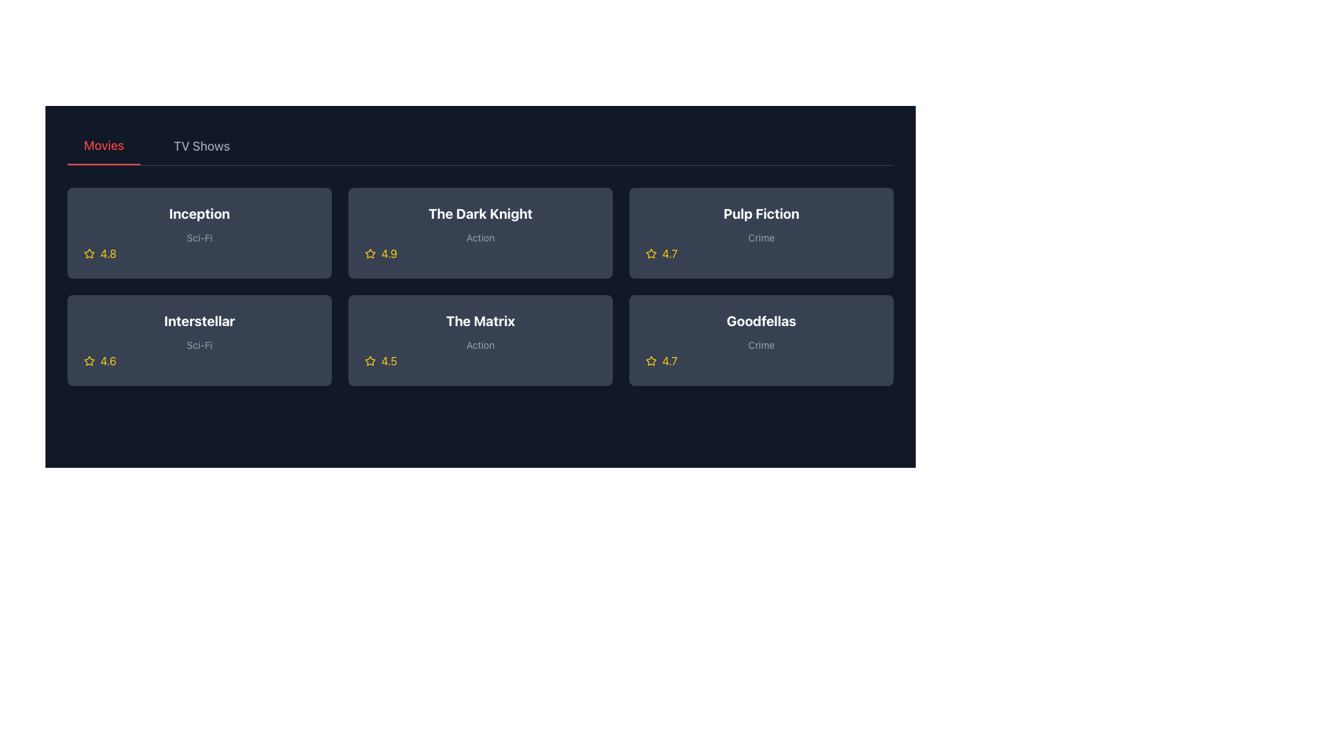  Describe the element at coordinates (198, 233) in the screenshot. I see `the information icon shaped as an encircled 'i' located within the upper-left section of the 'Inception' movie card` at that location.